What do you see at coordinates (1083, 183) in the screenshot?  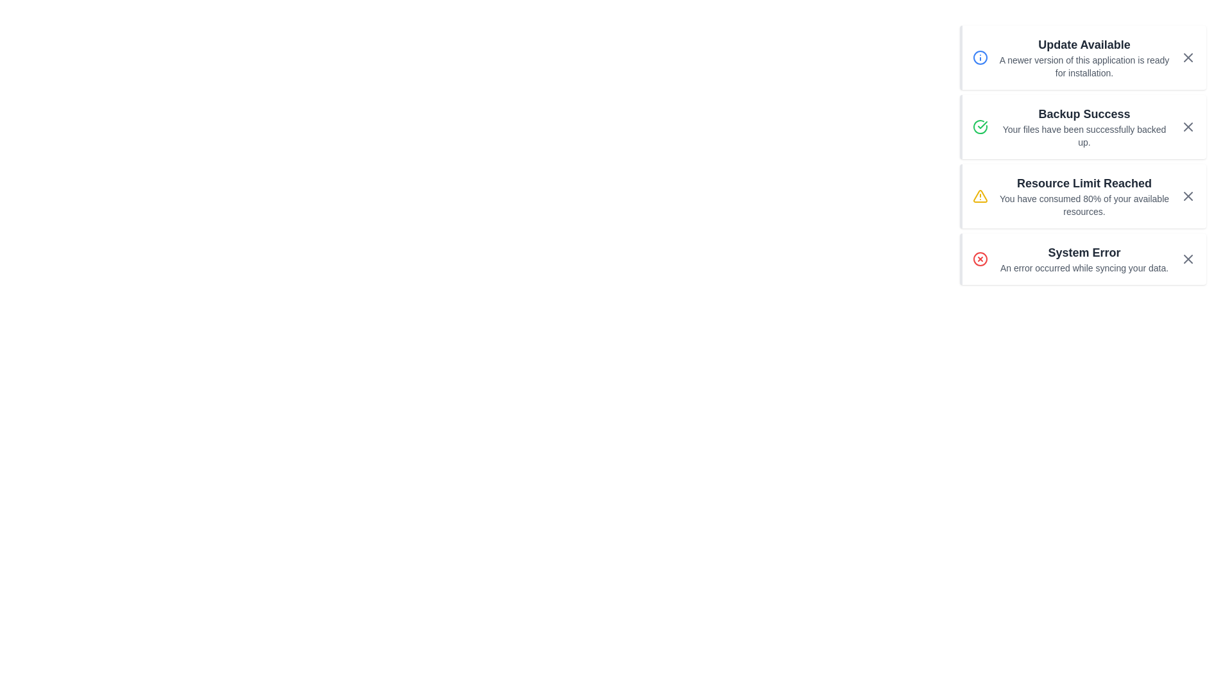 I see `the text element that displays the title of the third notification card in the vertical list of notifications` at bounding box center [1083, 183].